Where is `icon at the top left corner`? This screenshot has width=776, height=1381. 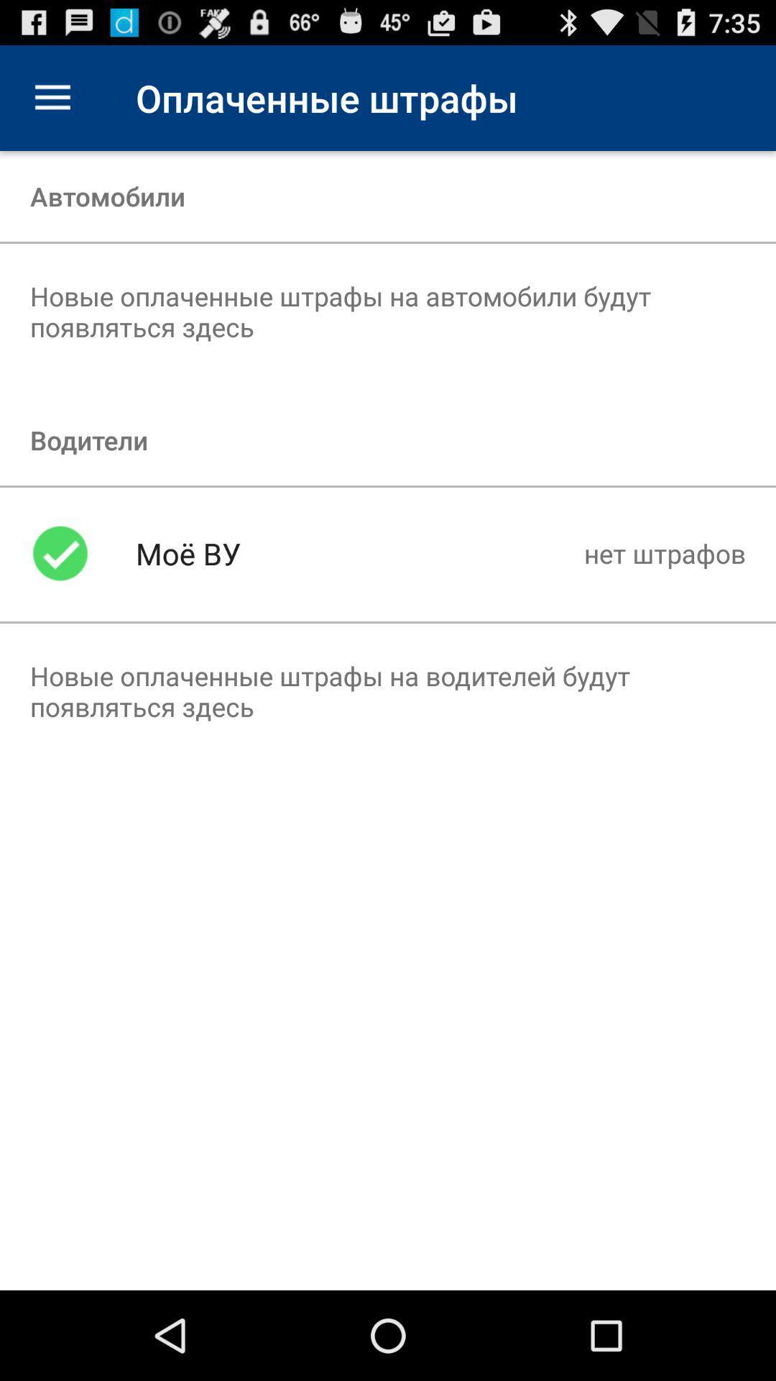
icon at the top left corner is located at coordinates (52, 97).